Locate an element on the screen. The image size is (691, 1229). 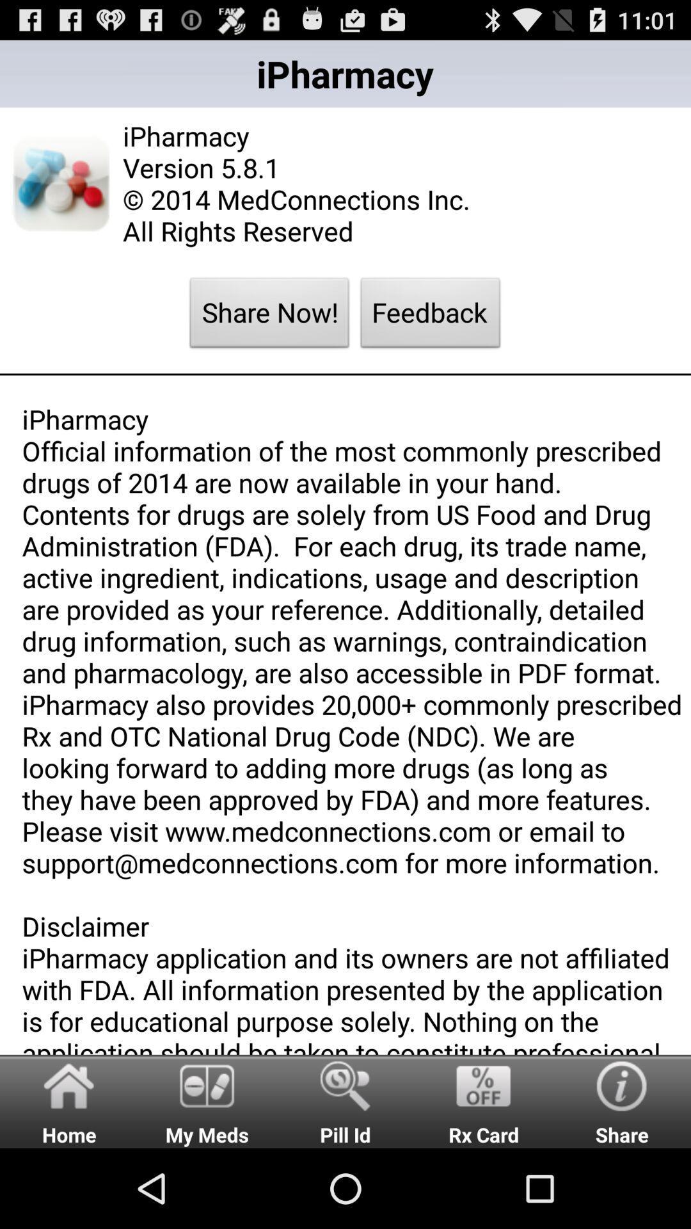
app below the ipharmacy official information icon is located at coordinates (345, 1100).